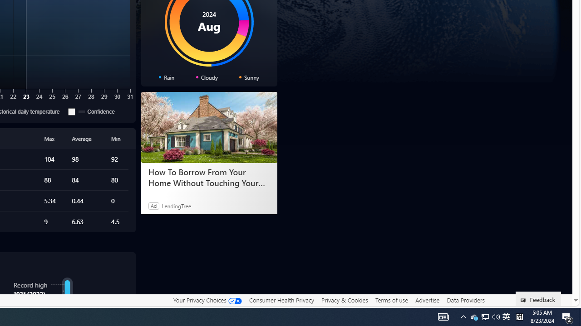 The image size is (581, 326). What do you see at coordinates (71, 111) in the screenshot?
I see `'Confidence'` at bounding box center [71, 111].